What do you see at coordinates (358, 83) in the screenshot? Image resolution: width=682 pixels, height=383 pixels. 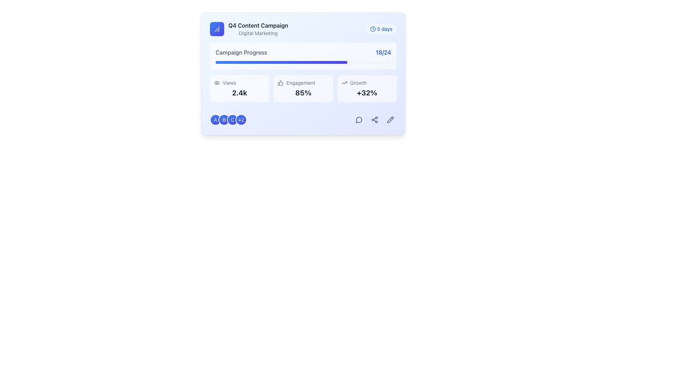 I see `Text label indicating an increase or growth of the corresponding engagement metric, located in the bottom-right metric box under the 'Engagement' statistic` at bounding box center [358, 83].